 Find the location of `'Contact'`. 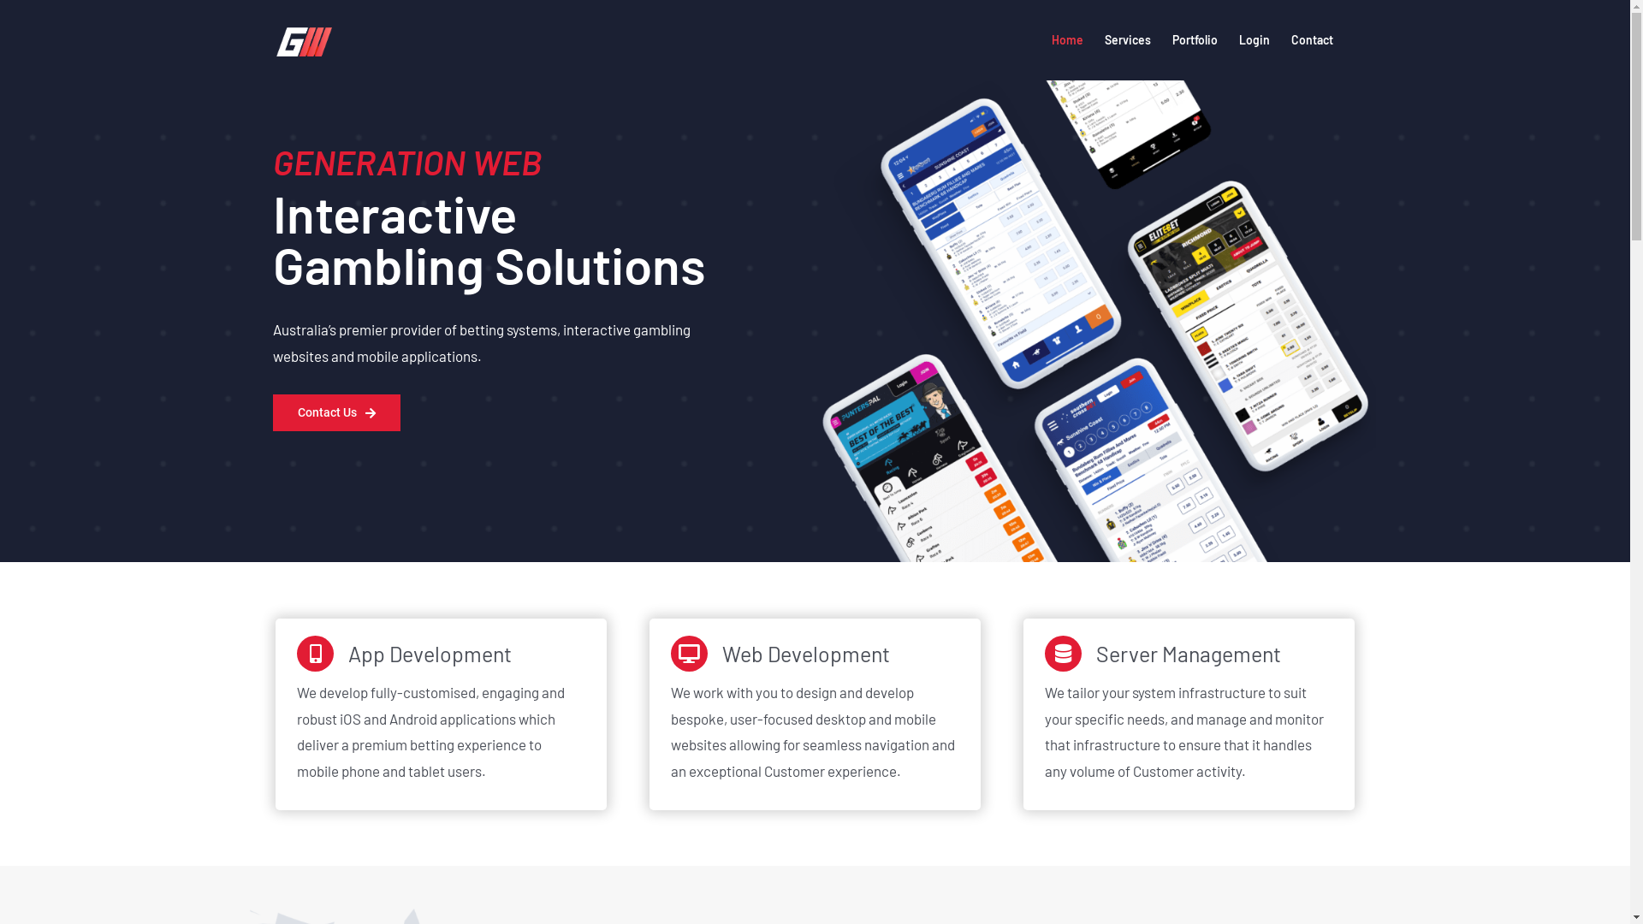

'Contact' is located at coordinates (1290, 38).